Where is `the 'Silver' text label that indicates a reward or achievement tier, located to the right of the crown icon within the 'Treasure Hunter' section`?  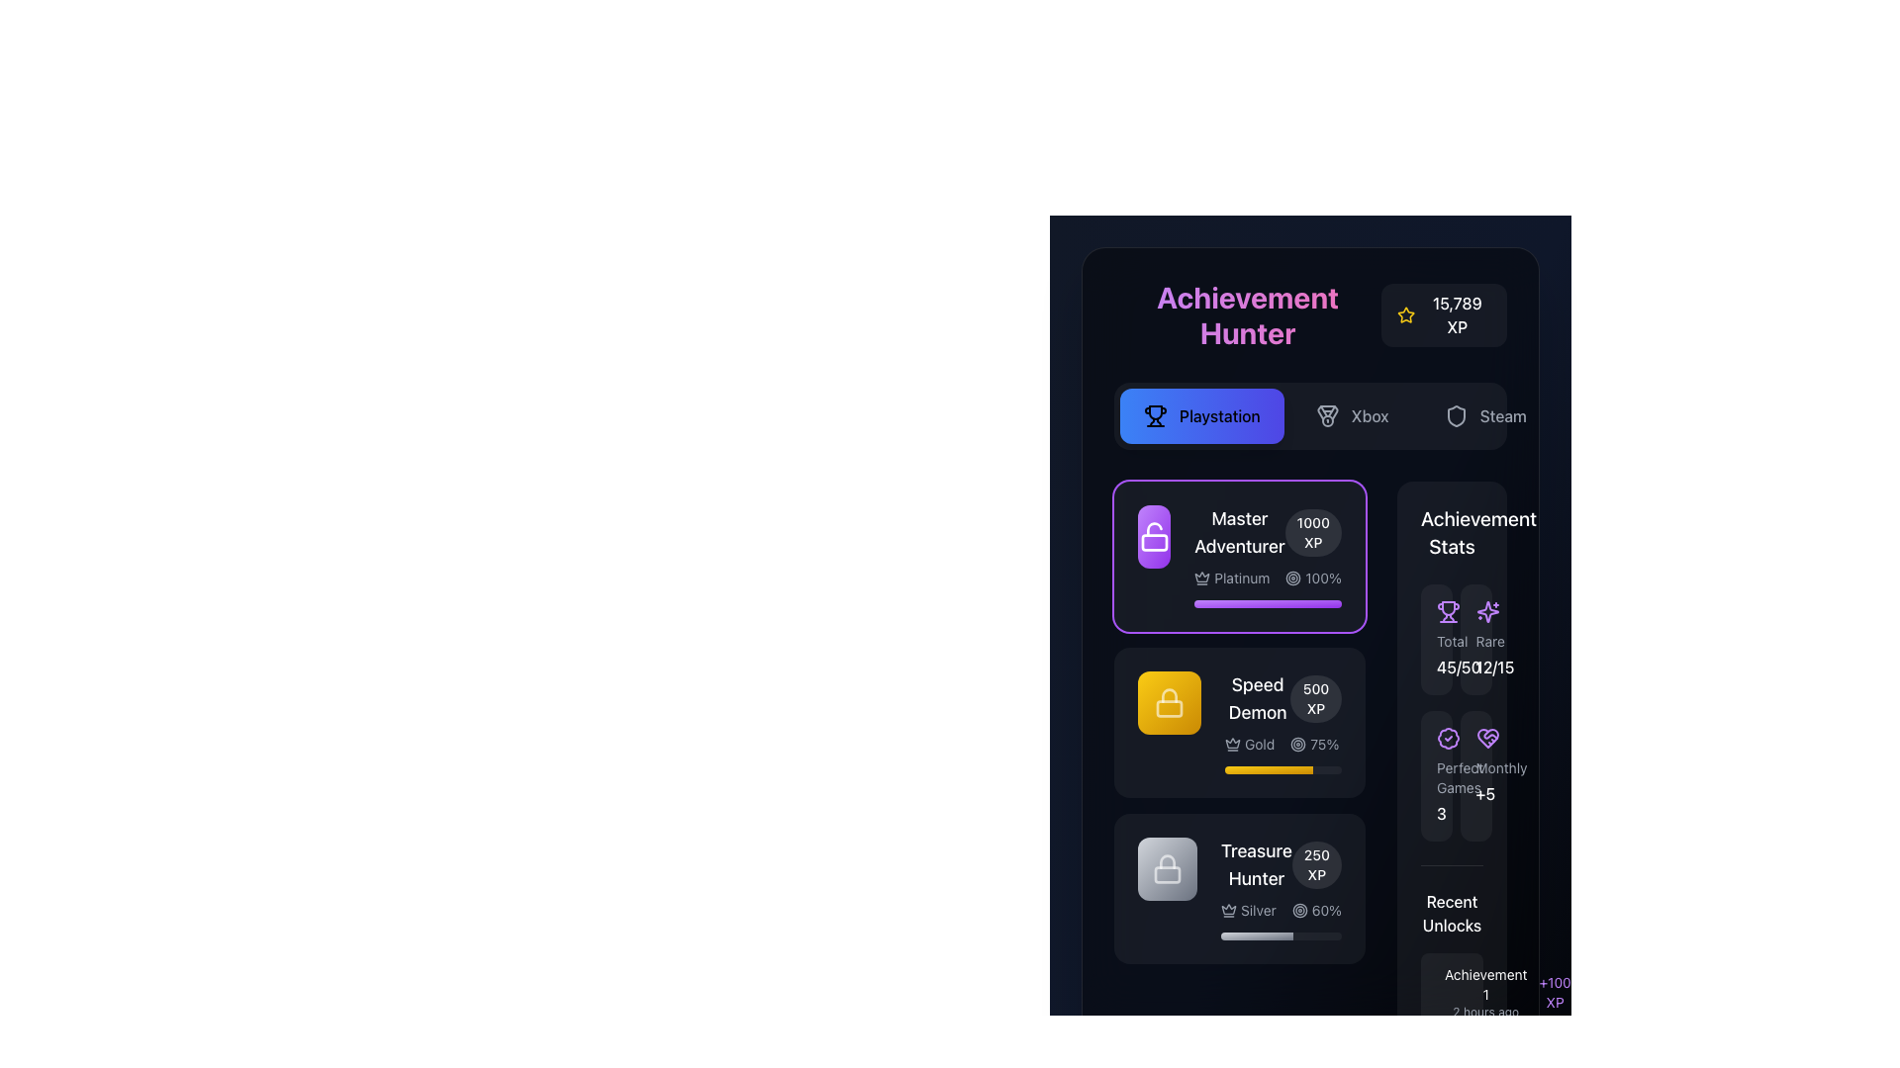 the 'Silver' text label that indicates a reward or achievement tier, located to the right of the crown icon within the 'Treasure Hunter' section is located at coordinates (1258, 911).